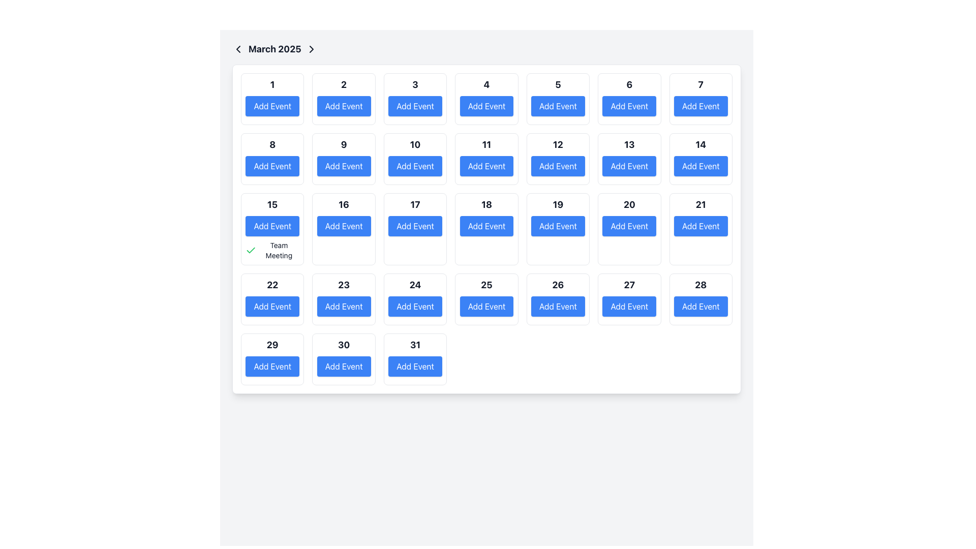 The height and width of the screenshot is (549, 976). Describe the element at coordinates (486, 145) in the screenshot. I see `the bold text '11' in a black font within the calendar view, located in the second row and fifth column of the grid` at that location.